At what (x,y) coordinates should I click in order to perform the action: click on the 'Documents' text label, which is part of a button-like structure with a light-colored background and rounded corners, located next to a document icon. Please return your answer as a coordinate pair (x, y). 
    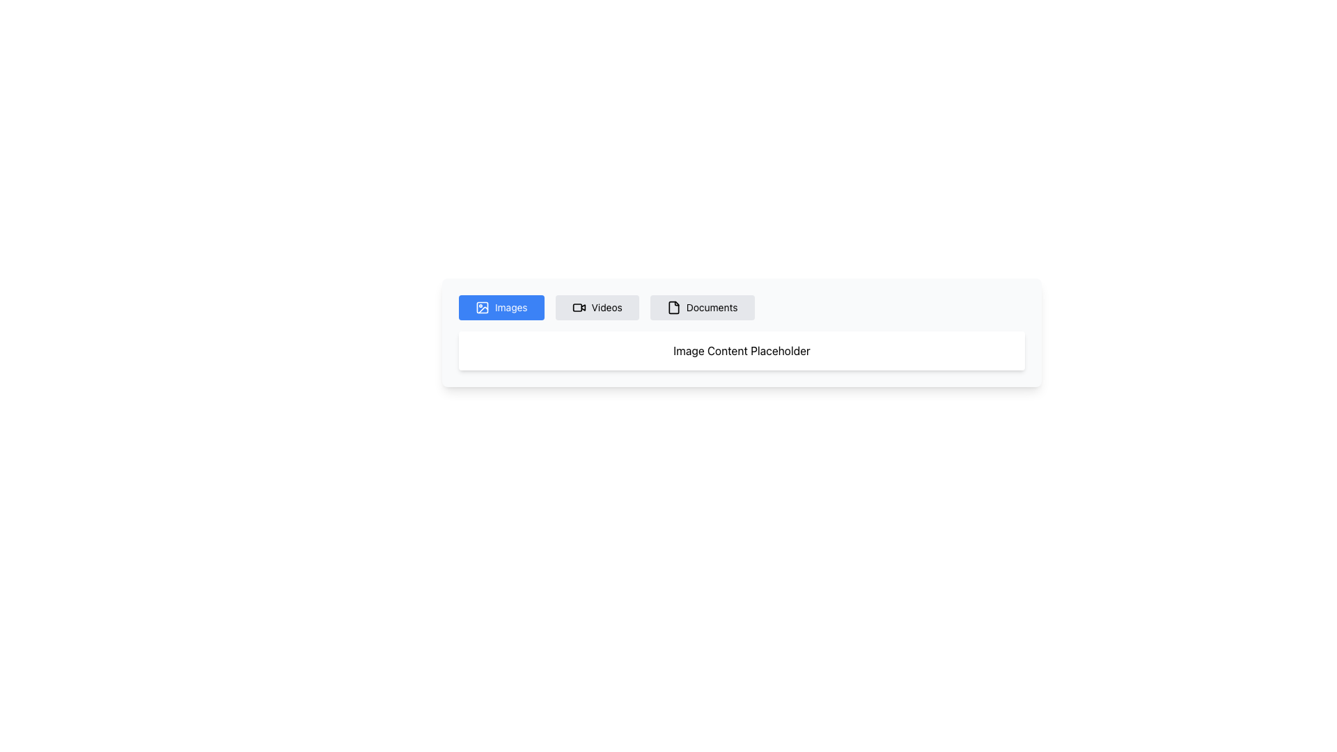
    Looking at the image, I should click on (712, 307).